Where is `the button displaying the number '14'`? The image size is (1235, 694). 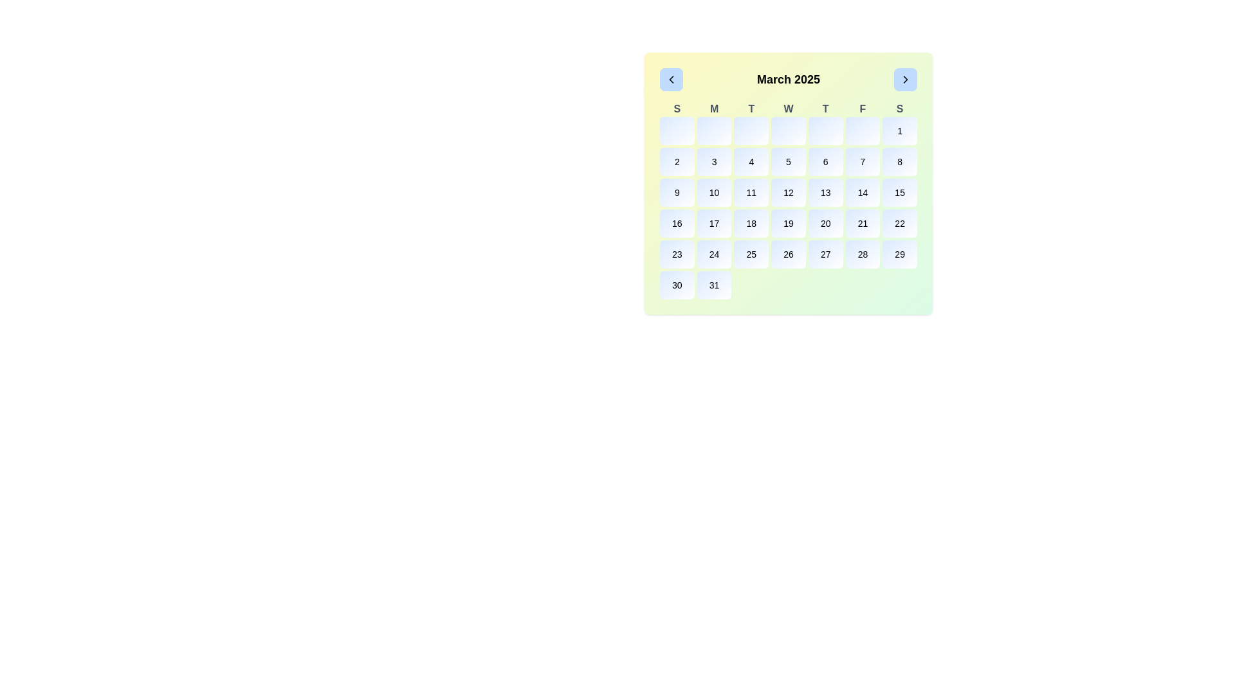
the button displaying the number '14' is located at coordinates (863, 193).